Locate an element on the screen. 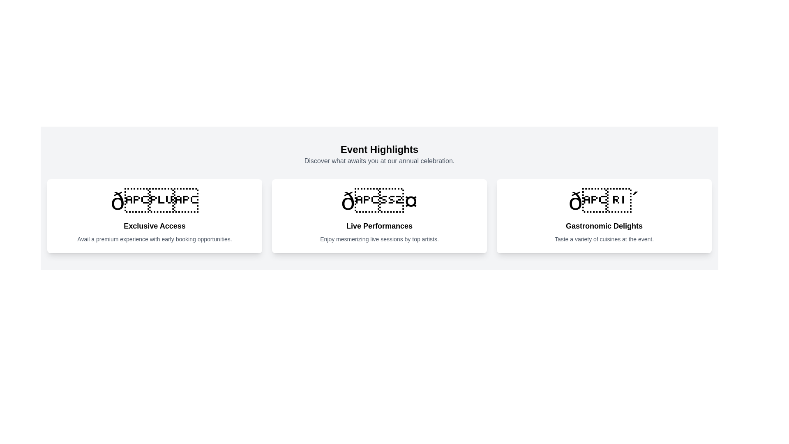 The image size is (789, 444). text element displaying 'Live Performances', which is centrally aligned and visually prominent in a bold, large font is located at coordinates (379, 226).